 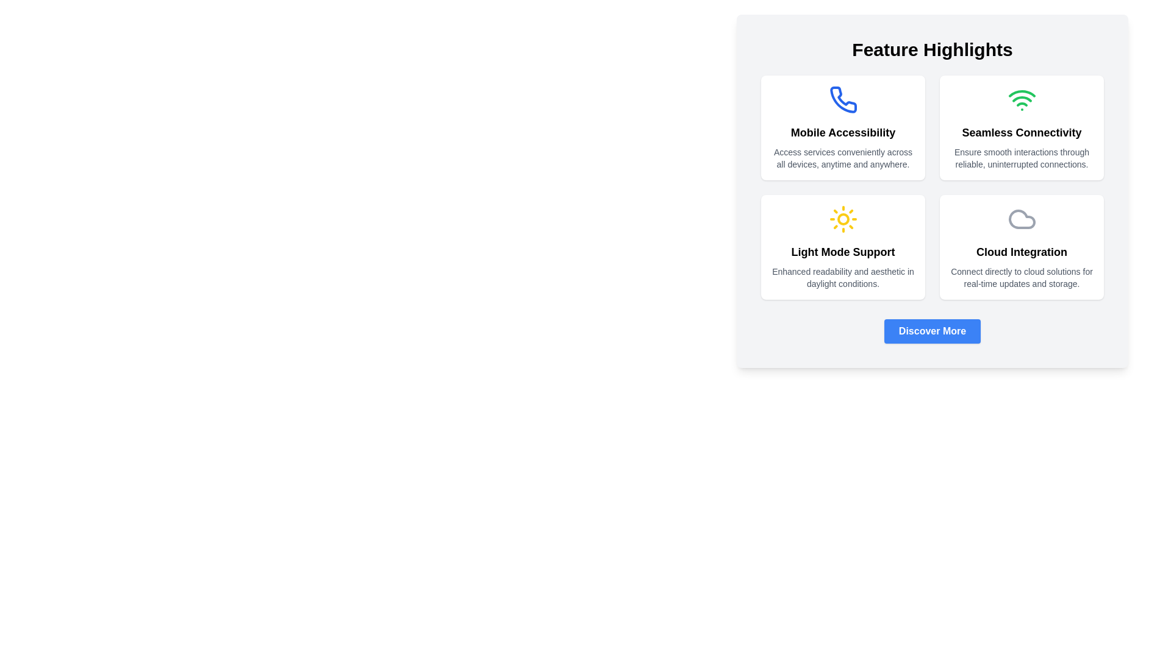 What do you see at coordinates (1022, 277) in the screenshot?
I see `the descriptive text related to the feature 'Cloud Integration', located at the bottom-right section of a grid layout of four cards within the 'Feature Highlights' section` at bounding box center [1022, 277].